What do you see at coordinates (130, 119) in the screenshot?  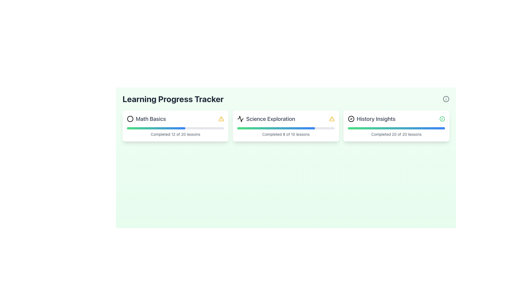 I see `the decorative circle icon representing the 'Math Basics' section in the learning progress tracker UI` at bounding box center [130, 119].